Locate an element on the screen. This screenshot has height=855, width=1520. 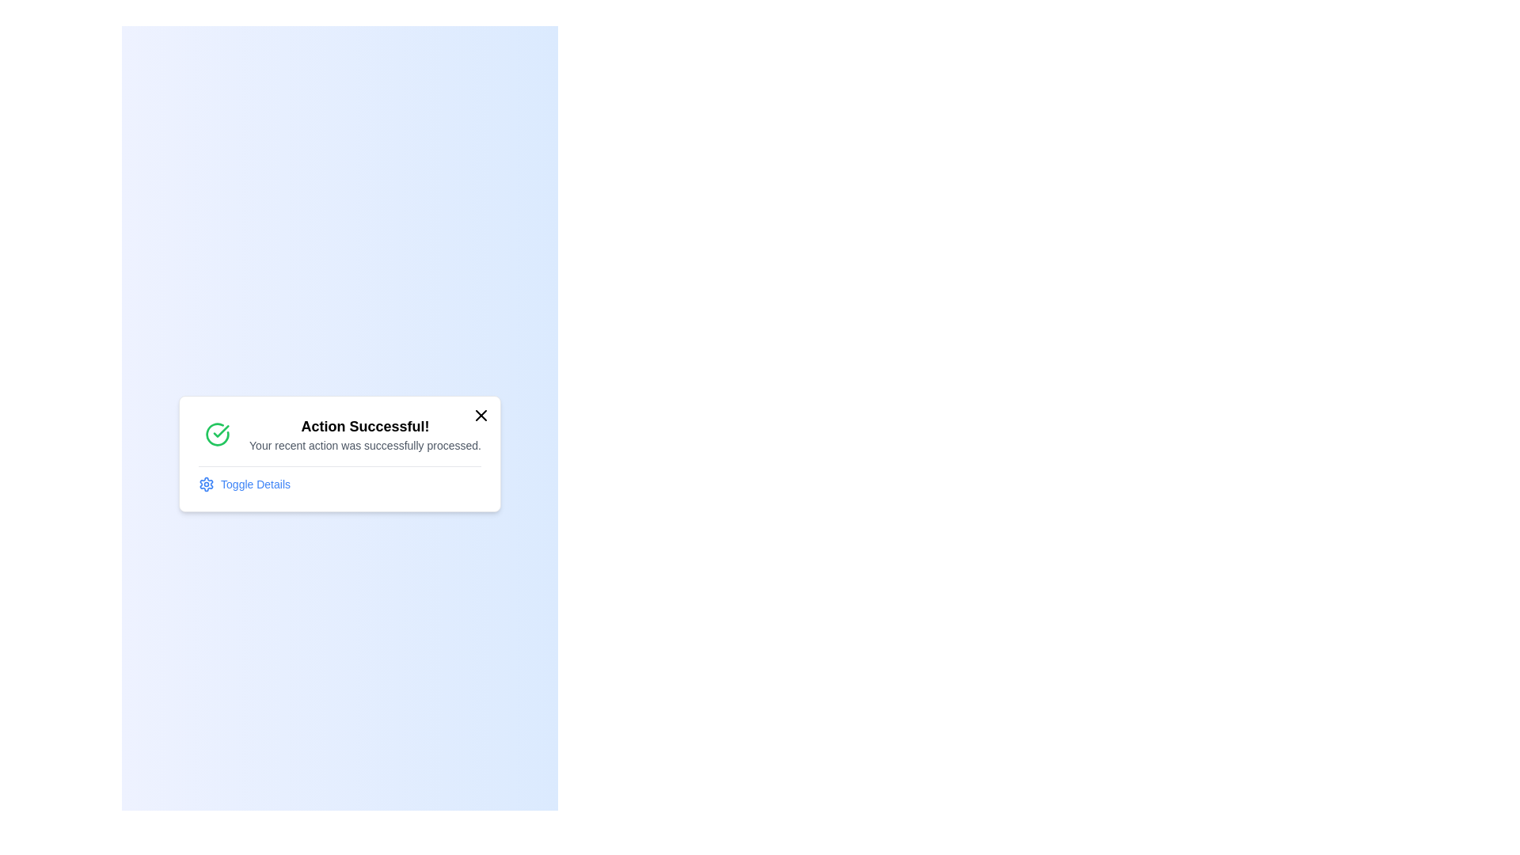
the close button to close the alert is located at coordinates (480, 414).